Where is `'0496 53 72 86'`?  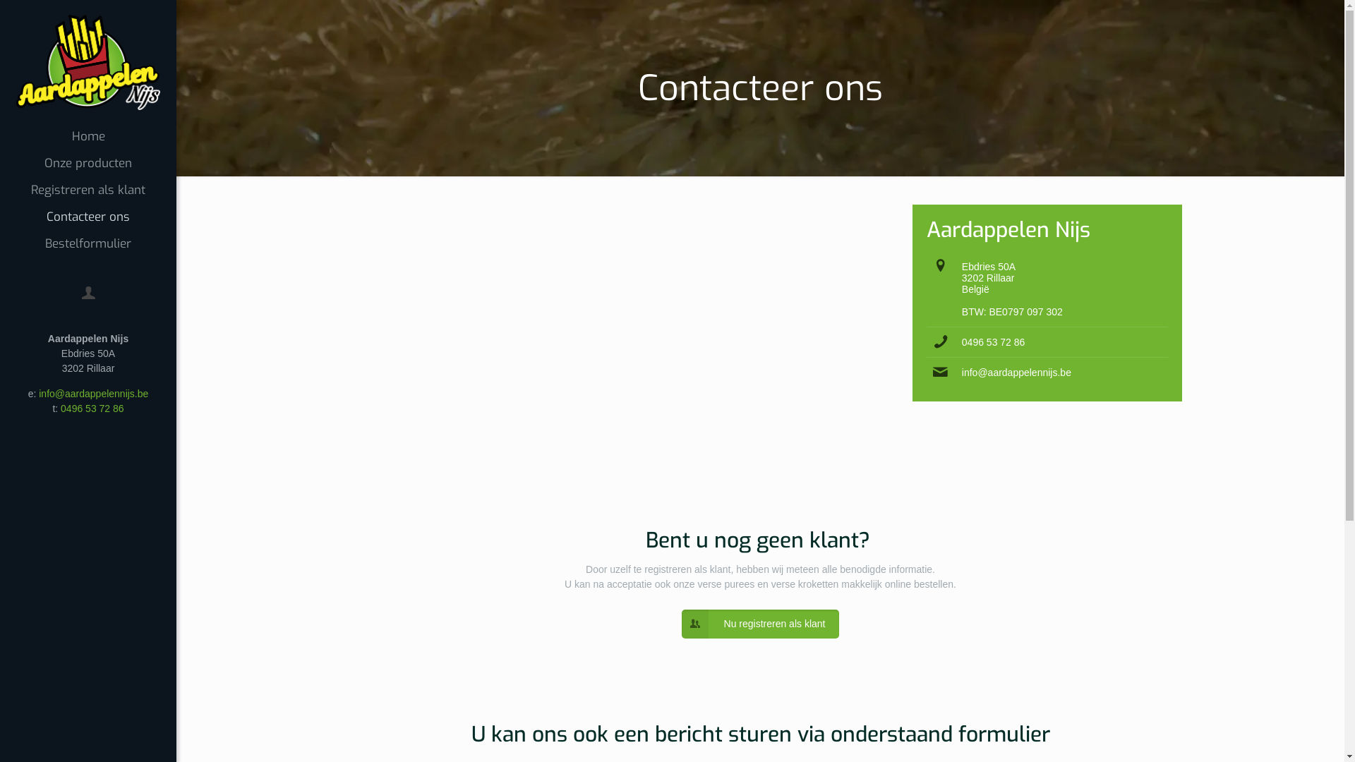
'0496 53 72 86' is located at coordinates (992, 342).